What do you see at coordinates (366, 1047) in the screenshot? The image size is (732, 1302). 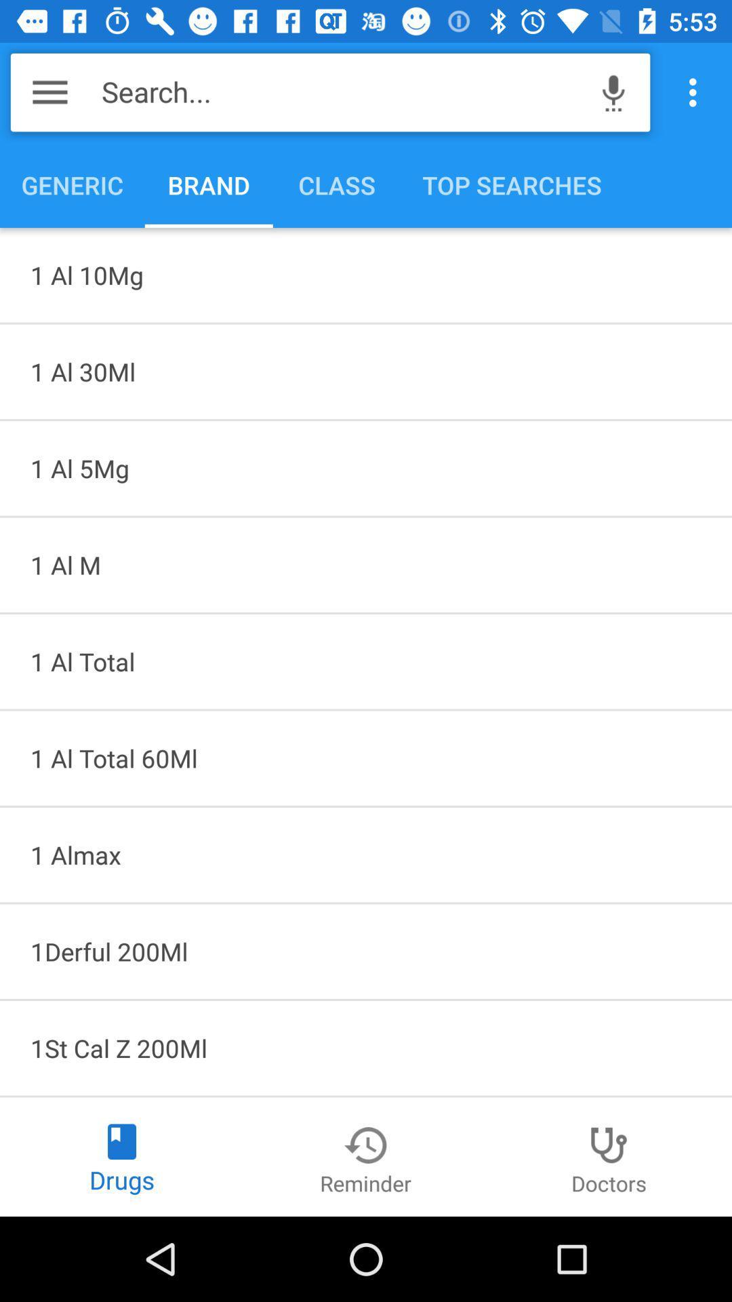 I see `the 1st cal z icon` at bounding box center [366, 1047].